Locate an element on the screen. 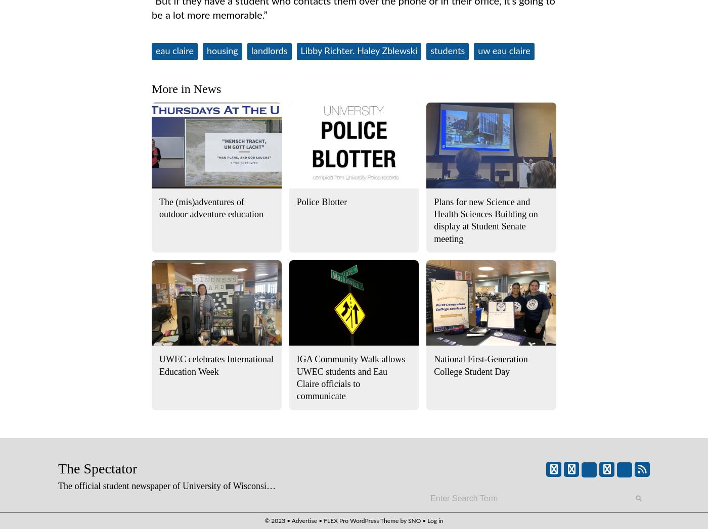 This screenshot has height=529, width=708. 'housing' is located at coordinates (222, 51).